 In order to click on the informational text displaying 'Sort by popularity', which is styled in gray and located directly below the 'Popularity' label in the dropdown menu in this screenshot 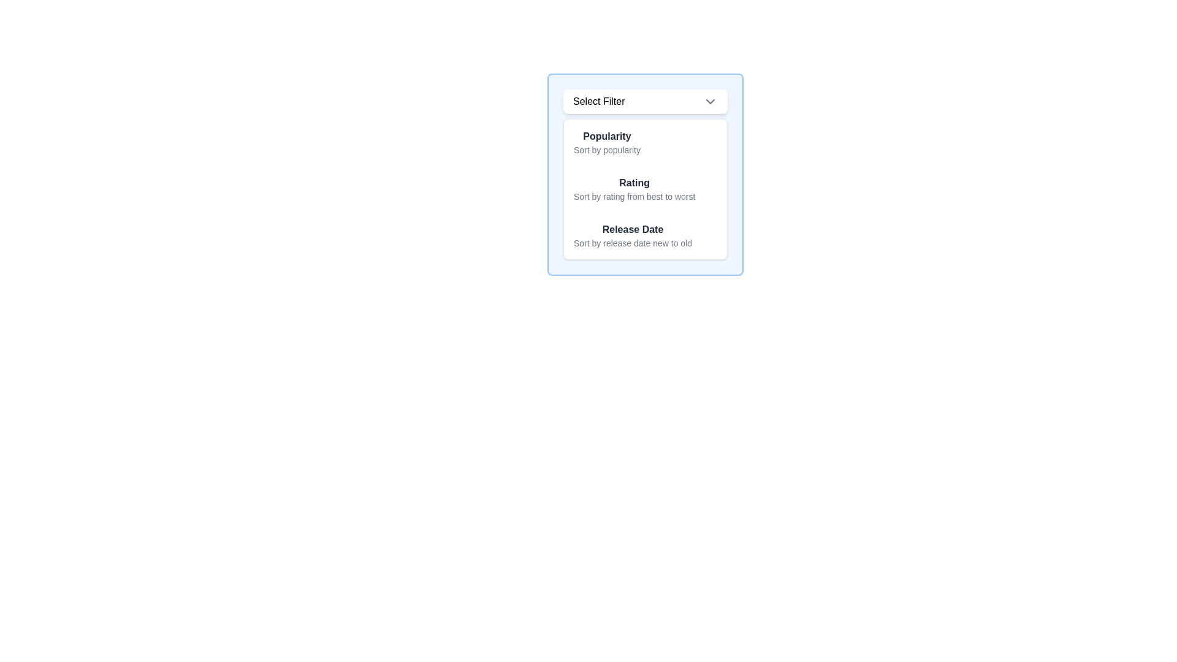, I will do `click(607, 150)`.